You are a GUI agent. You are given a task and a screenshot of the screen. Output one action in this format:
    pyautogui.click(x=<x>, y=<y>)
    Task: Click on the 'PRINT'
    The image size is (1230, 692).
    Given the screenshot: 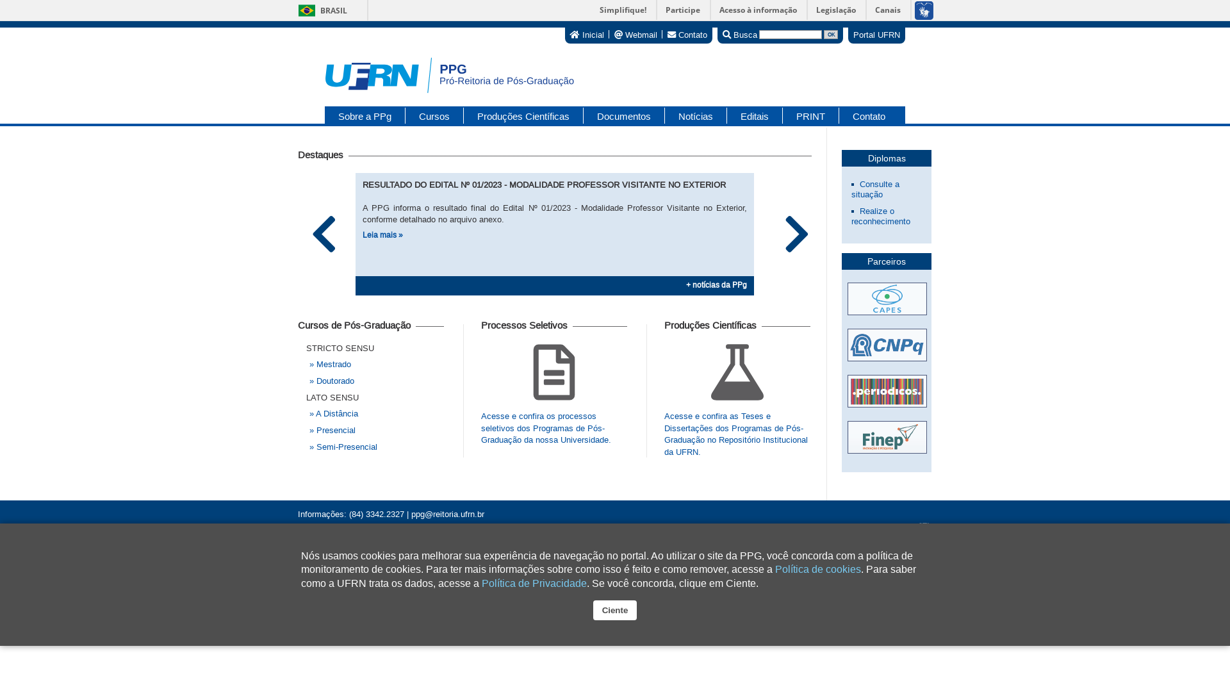 What is the action you would take?
    pyautogui.click(x=810, y=115)
    